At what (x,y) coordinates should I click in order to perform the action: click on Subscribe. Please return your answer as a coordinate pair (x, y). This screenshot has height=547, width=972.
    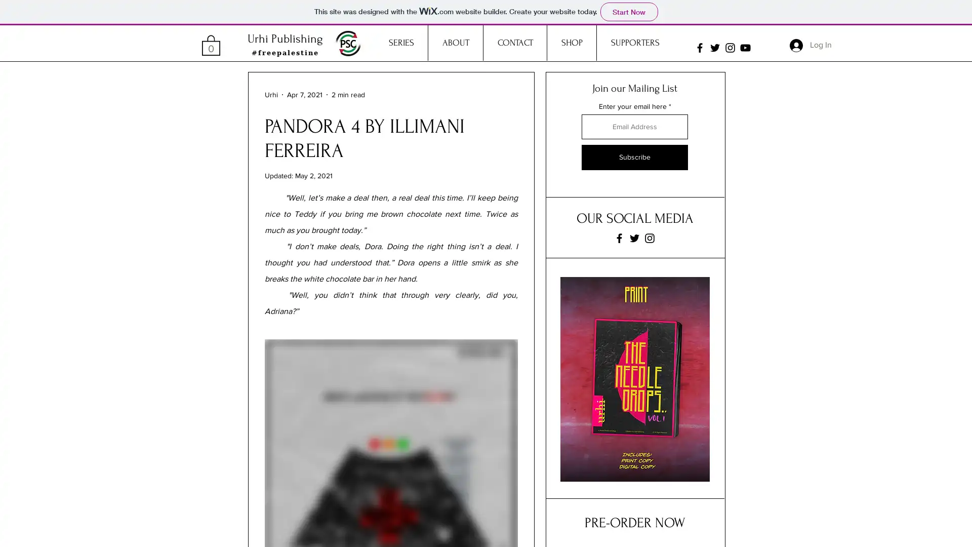
    Looking at the image, I should click on (634, 158).